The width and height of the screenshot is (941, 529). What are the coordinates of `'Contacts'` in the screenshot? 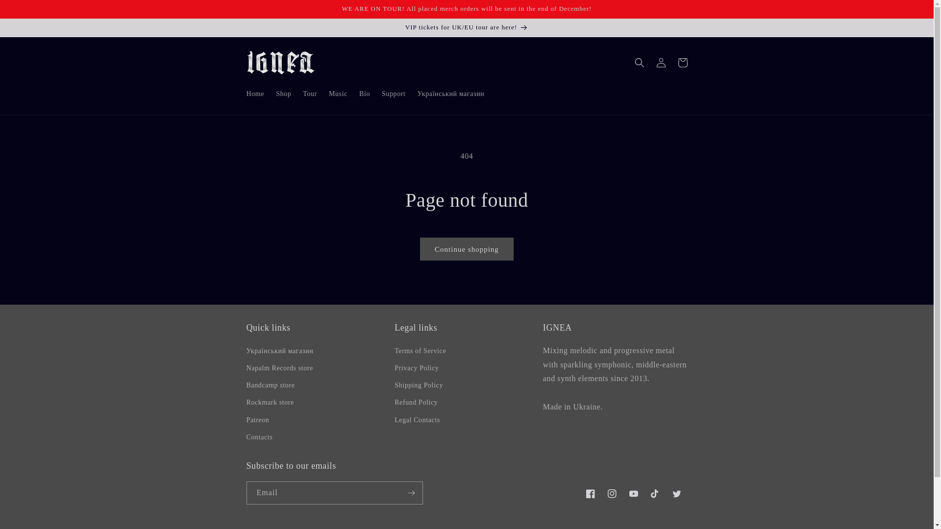 It's located at (246, 436).